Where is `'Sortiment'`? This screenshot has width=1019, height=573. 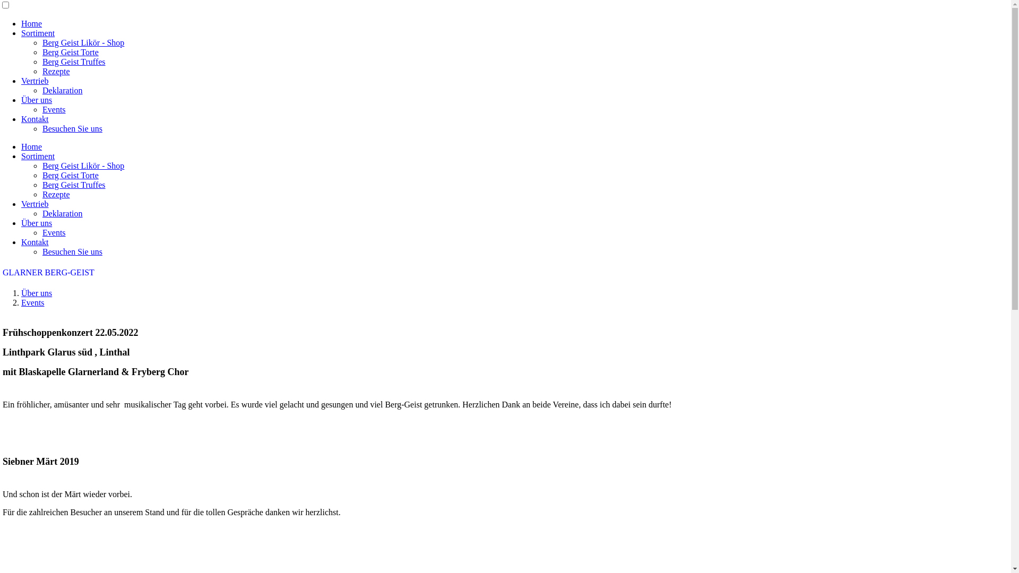
'Sortiment' is located at coordinates (38, 156).